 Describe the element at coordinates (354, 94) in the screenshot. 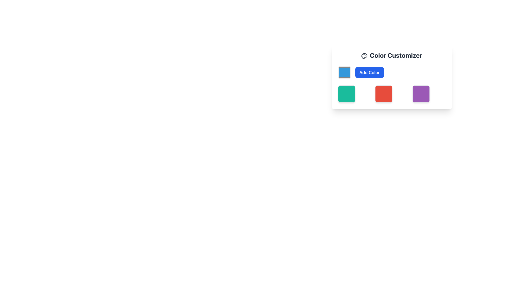

I see `the first selectable color tile in the Color Customizer section` at that location.